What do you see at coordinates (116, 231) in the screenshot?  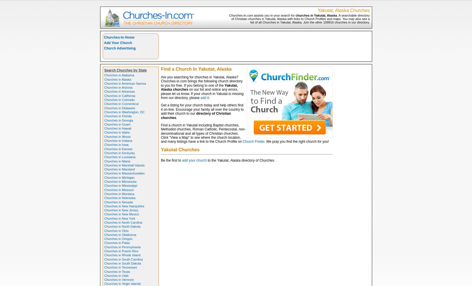 I see `'Churches in Ohio'` at bounding box center [116, 231].